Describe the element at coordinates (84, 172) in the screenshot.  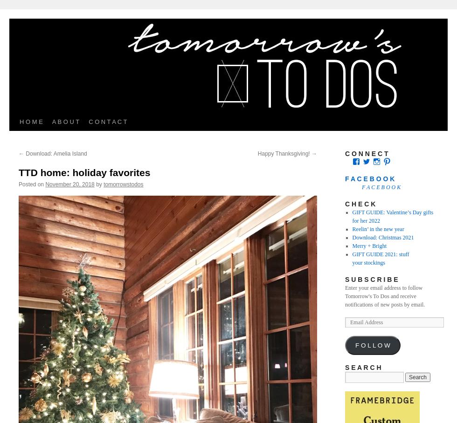
I see `'TTD home: holiday favorites'` at that location.